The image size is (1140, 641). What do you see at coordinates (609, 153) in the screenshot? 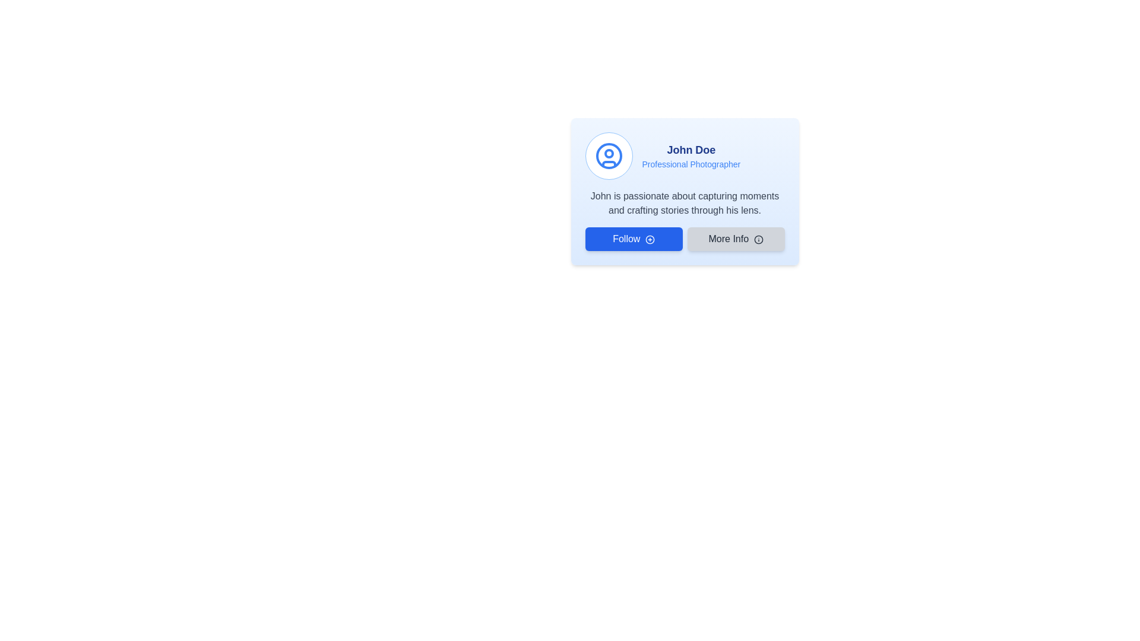
I see `the facial part icon in the user profile located at the top-middle of the card interface` at bounding box center [609, 153].